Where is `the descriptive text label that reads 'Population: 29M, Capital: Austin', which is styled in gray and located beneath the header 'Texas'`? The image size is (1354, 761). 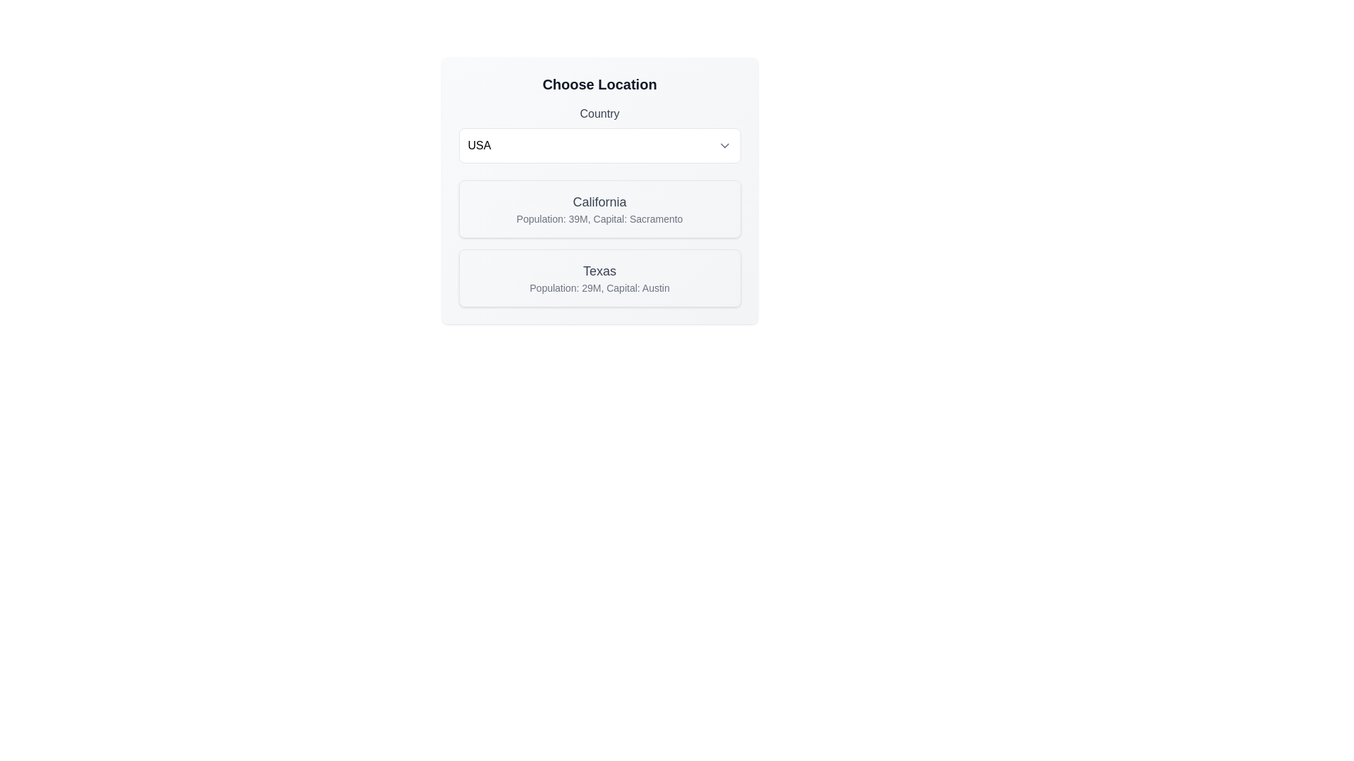 the descriptive text label that reads 'Population: 29M, Capital: Austin', which is styled in gray and located beneath the header 'Texas' is located at coordinates (599, 287).